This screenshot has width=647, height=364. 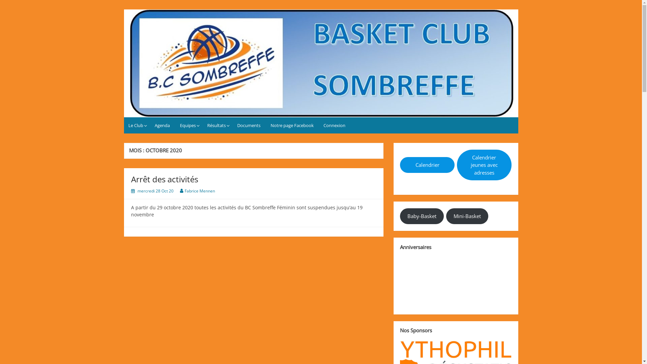 What do you see at coordinates (484, 165) in the screenshot?
I see `'Calendrier jeunes avec adresses'` at bounding box center [484, 165].